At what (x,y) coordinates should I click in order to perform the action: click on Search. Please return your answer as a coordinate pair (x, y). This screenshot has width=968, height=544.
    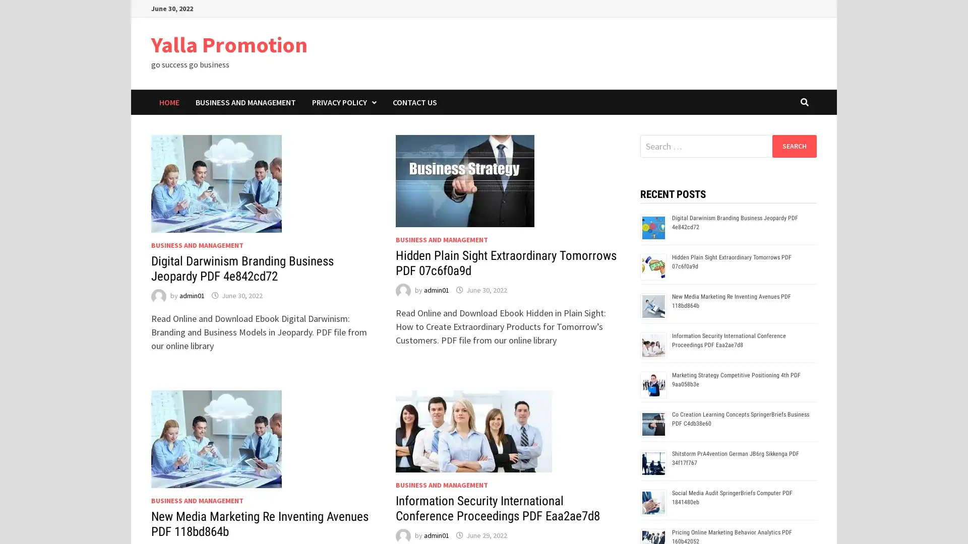
    Looking at the image, I should click on (794, 146).